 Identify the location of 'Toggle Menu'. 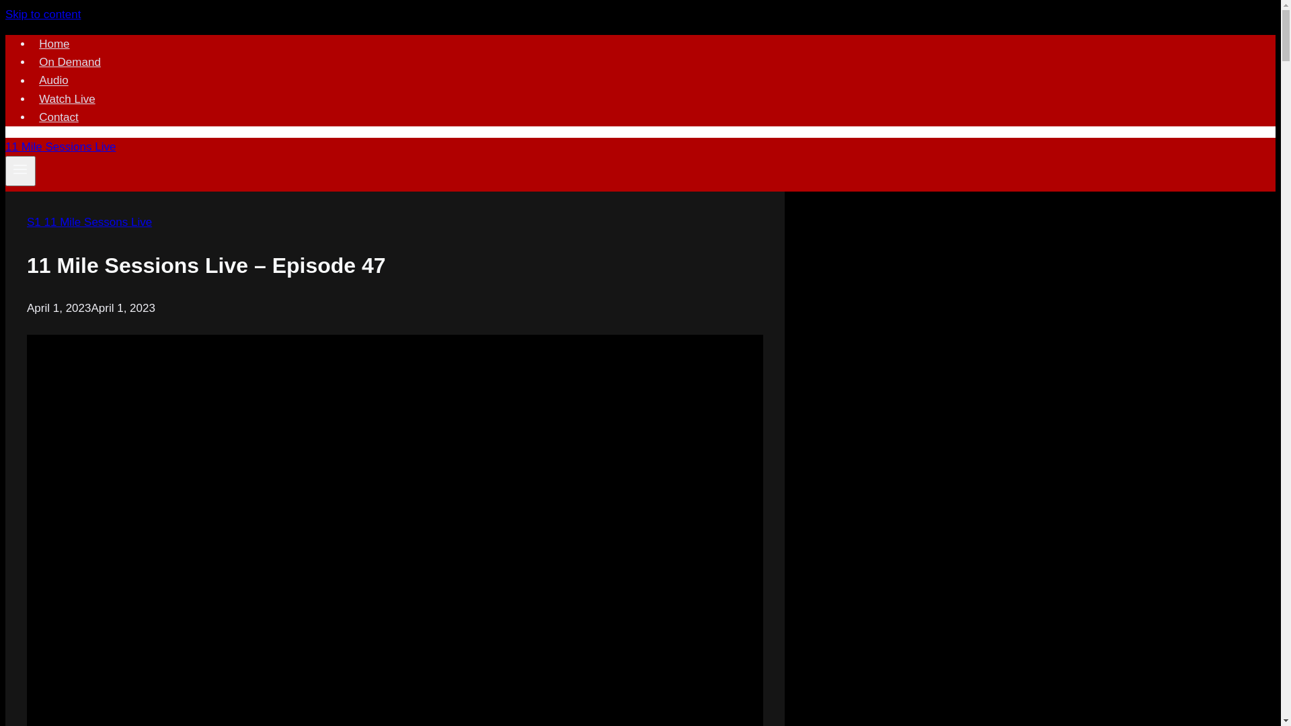
(20, 170).